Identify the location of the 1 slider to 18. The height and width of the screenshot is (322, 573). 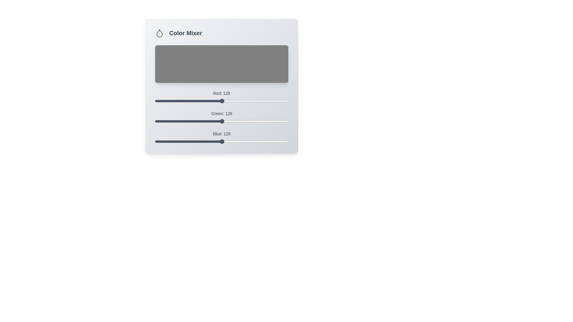
(164, 119).